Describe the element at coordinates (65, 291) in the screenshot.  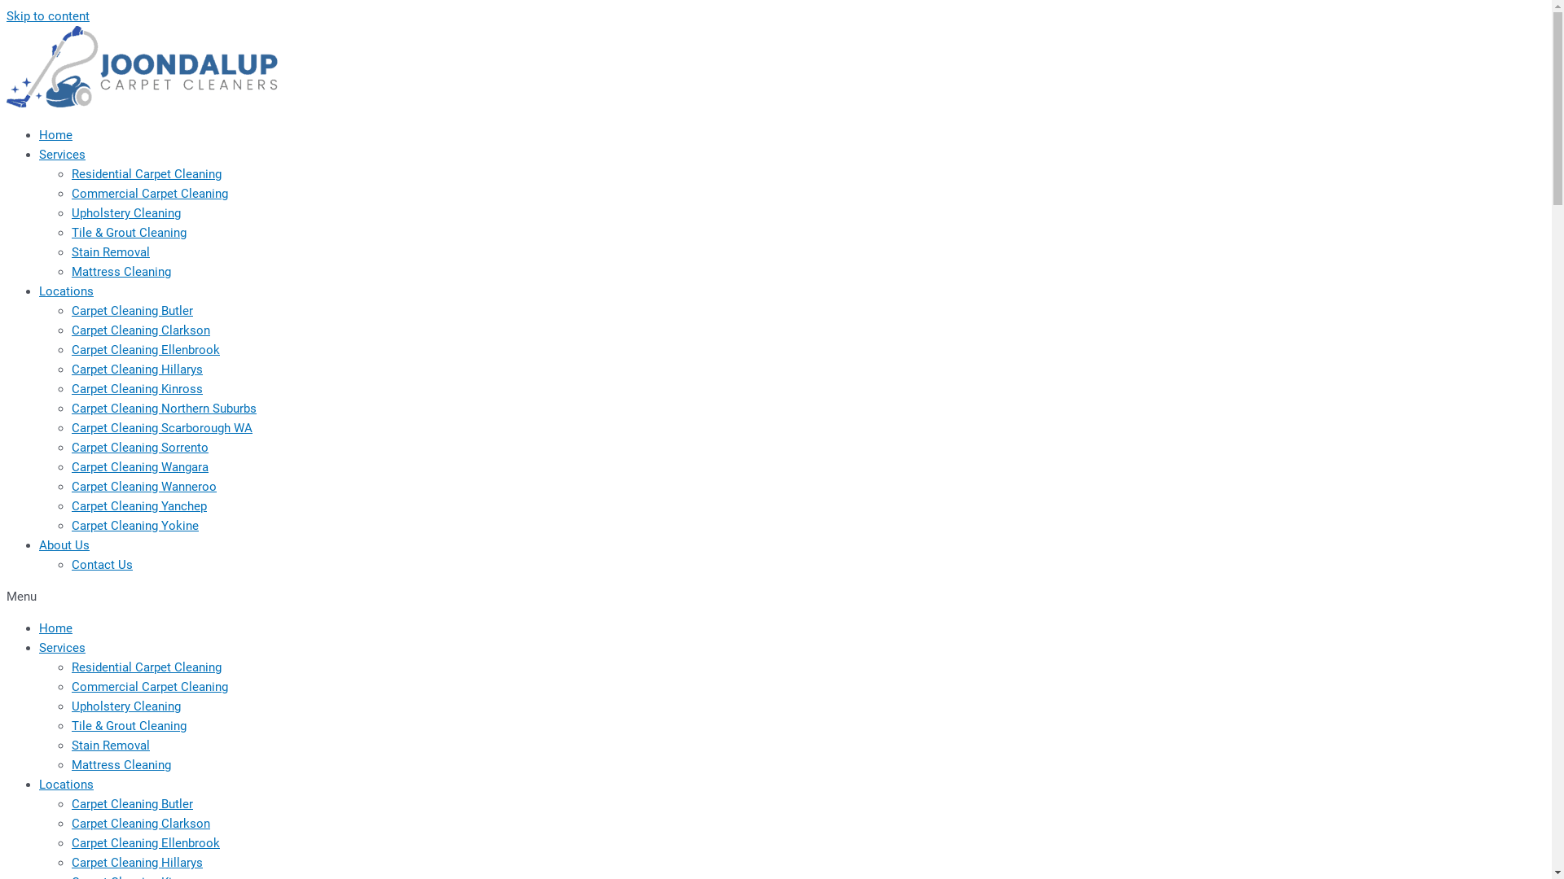
I see `'Locations'` at that location.